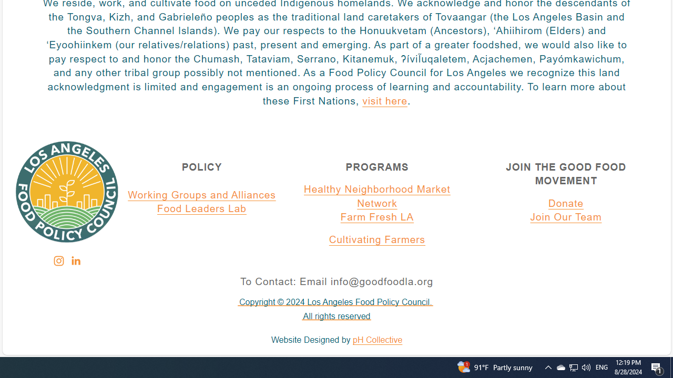  Describe the element at coordinates (378, 340) in the screenshot. I see `'pH Collective'` at that location.